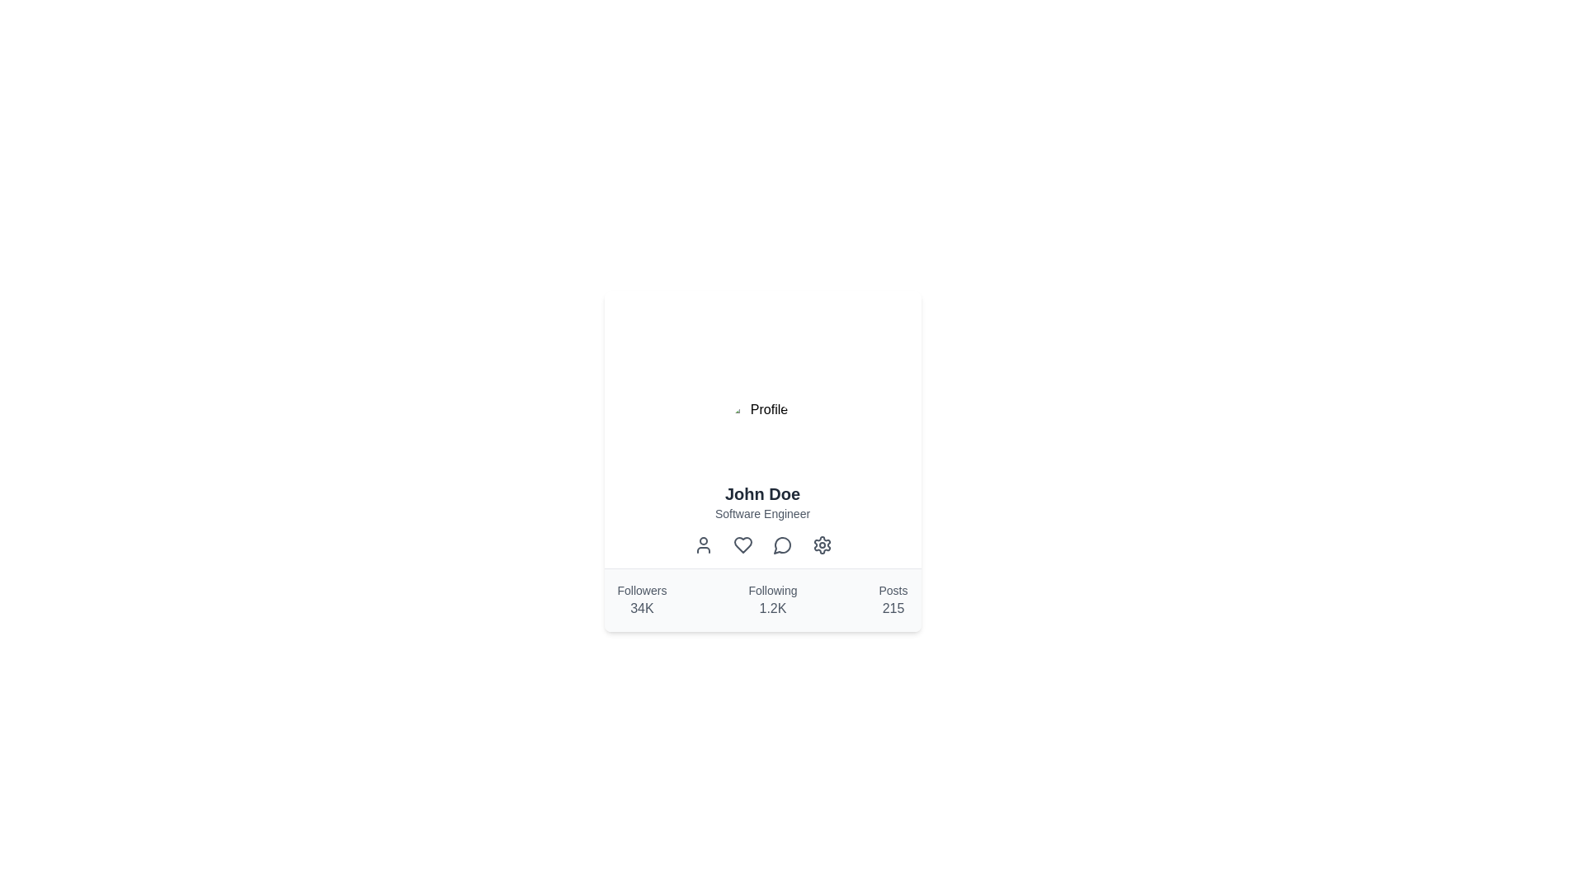  Describe the element at coordinates (761, 513) in the screenshot. I see `the text label that describes the role or job title for the user 'John Doe', located directly below the 'John Doe' text within the central card layout` at that location.